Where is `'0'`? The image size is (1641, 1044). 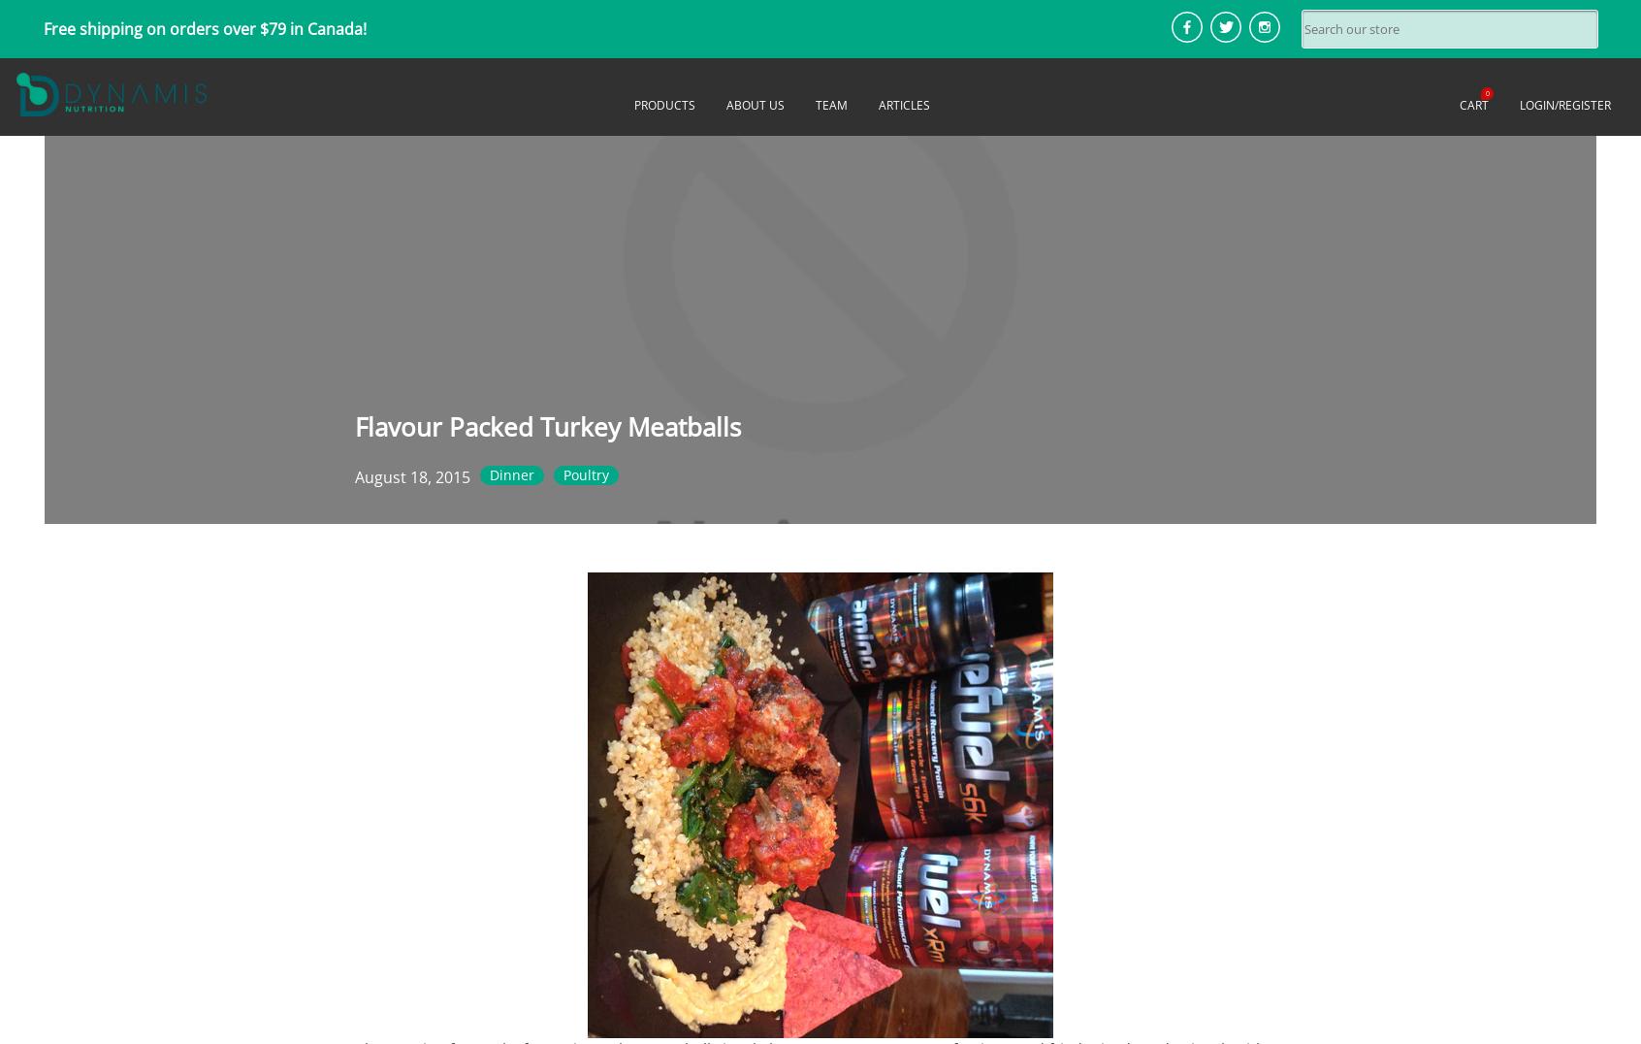
'0' is located at coordinates (1484, 91).